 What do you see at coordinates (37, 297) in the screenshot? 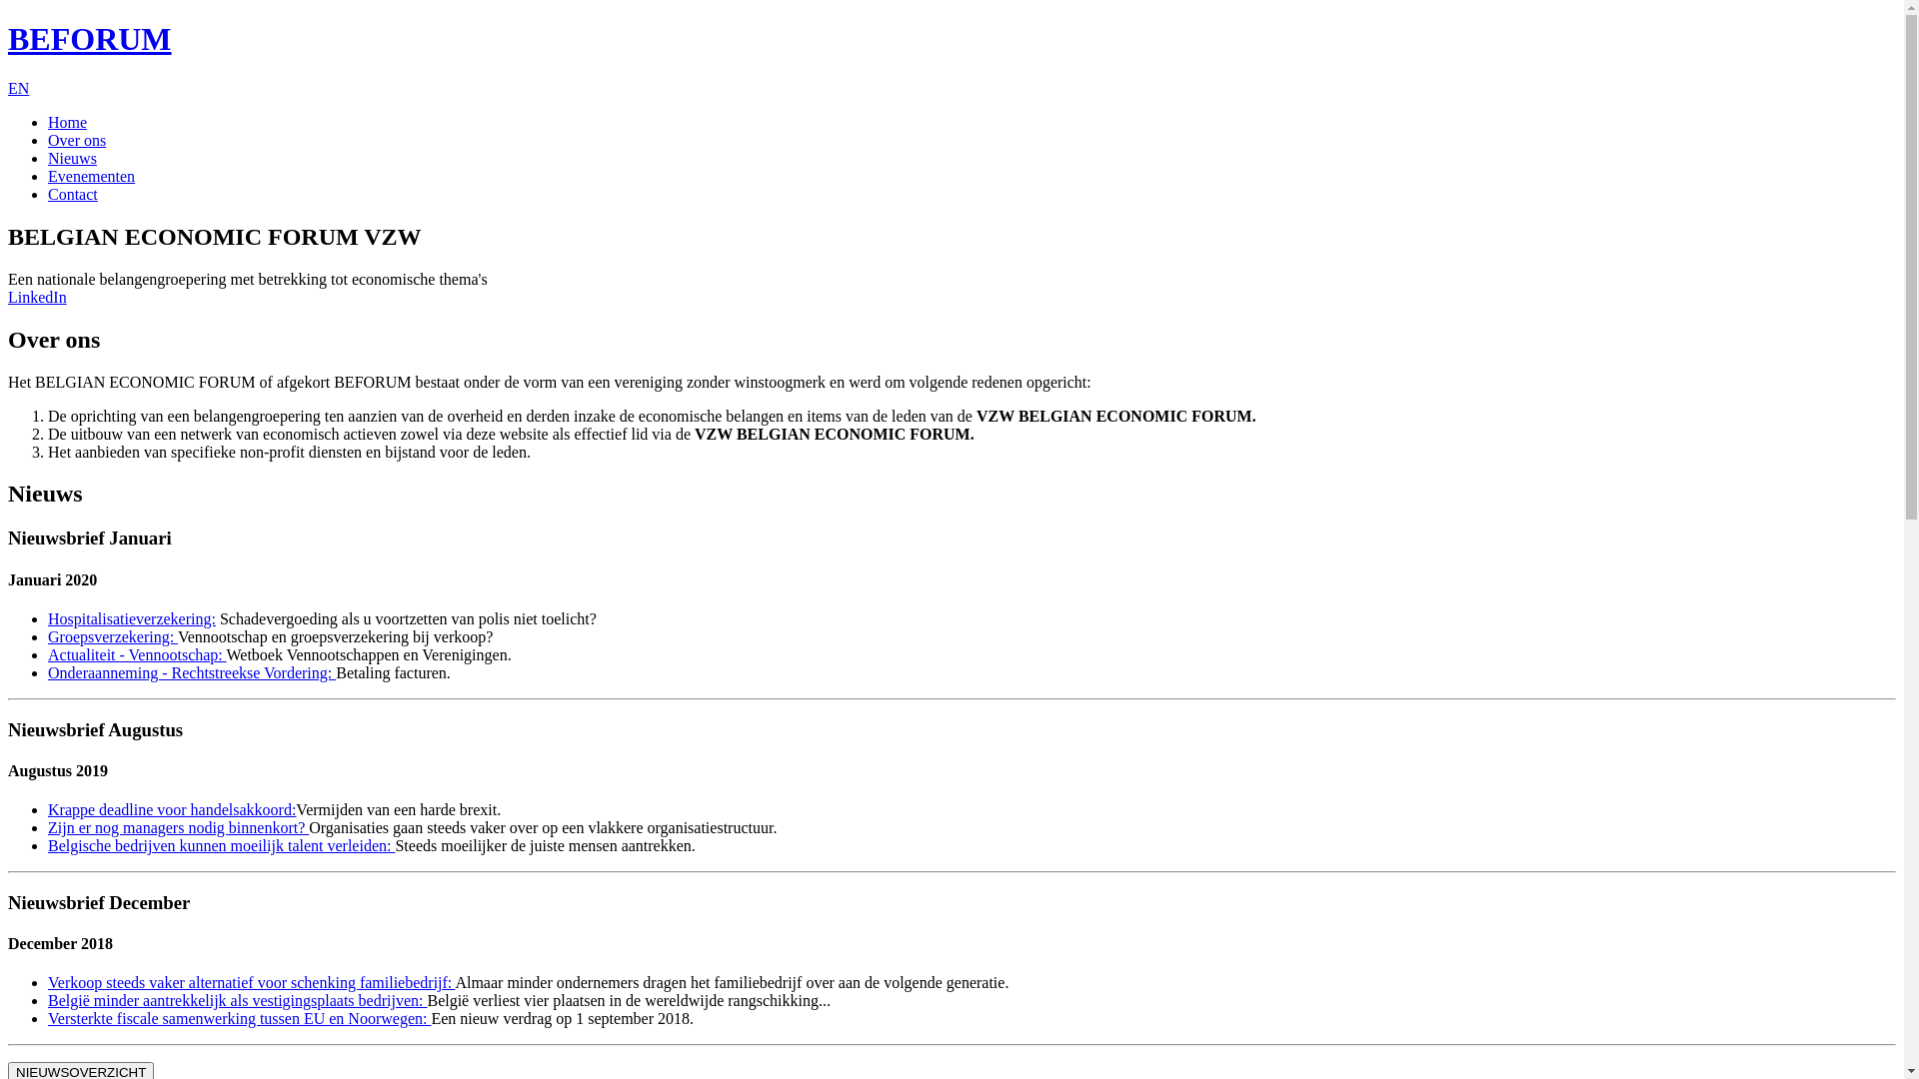
I see `'LinkedIn'` at bounding box center [37, 297].